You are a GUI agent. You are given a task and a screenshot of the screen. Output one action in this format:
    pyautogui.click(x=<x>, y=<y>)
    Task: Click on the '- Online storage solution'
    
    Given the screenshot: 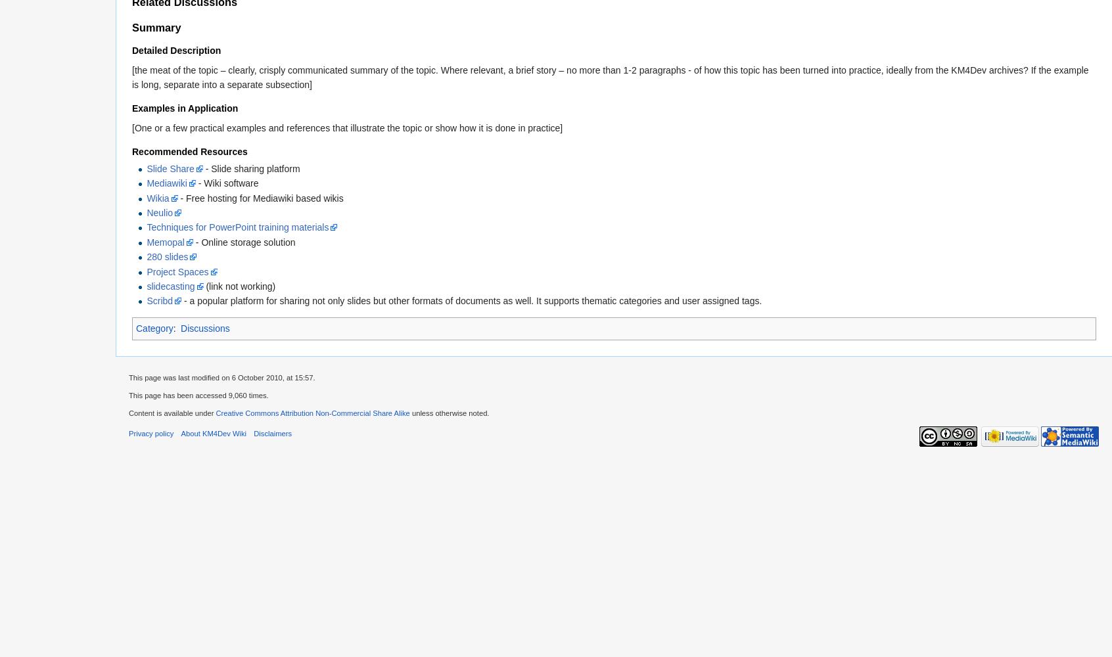 What is the action you would take?
    pyautogui.click(x=192, y=241)
    